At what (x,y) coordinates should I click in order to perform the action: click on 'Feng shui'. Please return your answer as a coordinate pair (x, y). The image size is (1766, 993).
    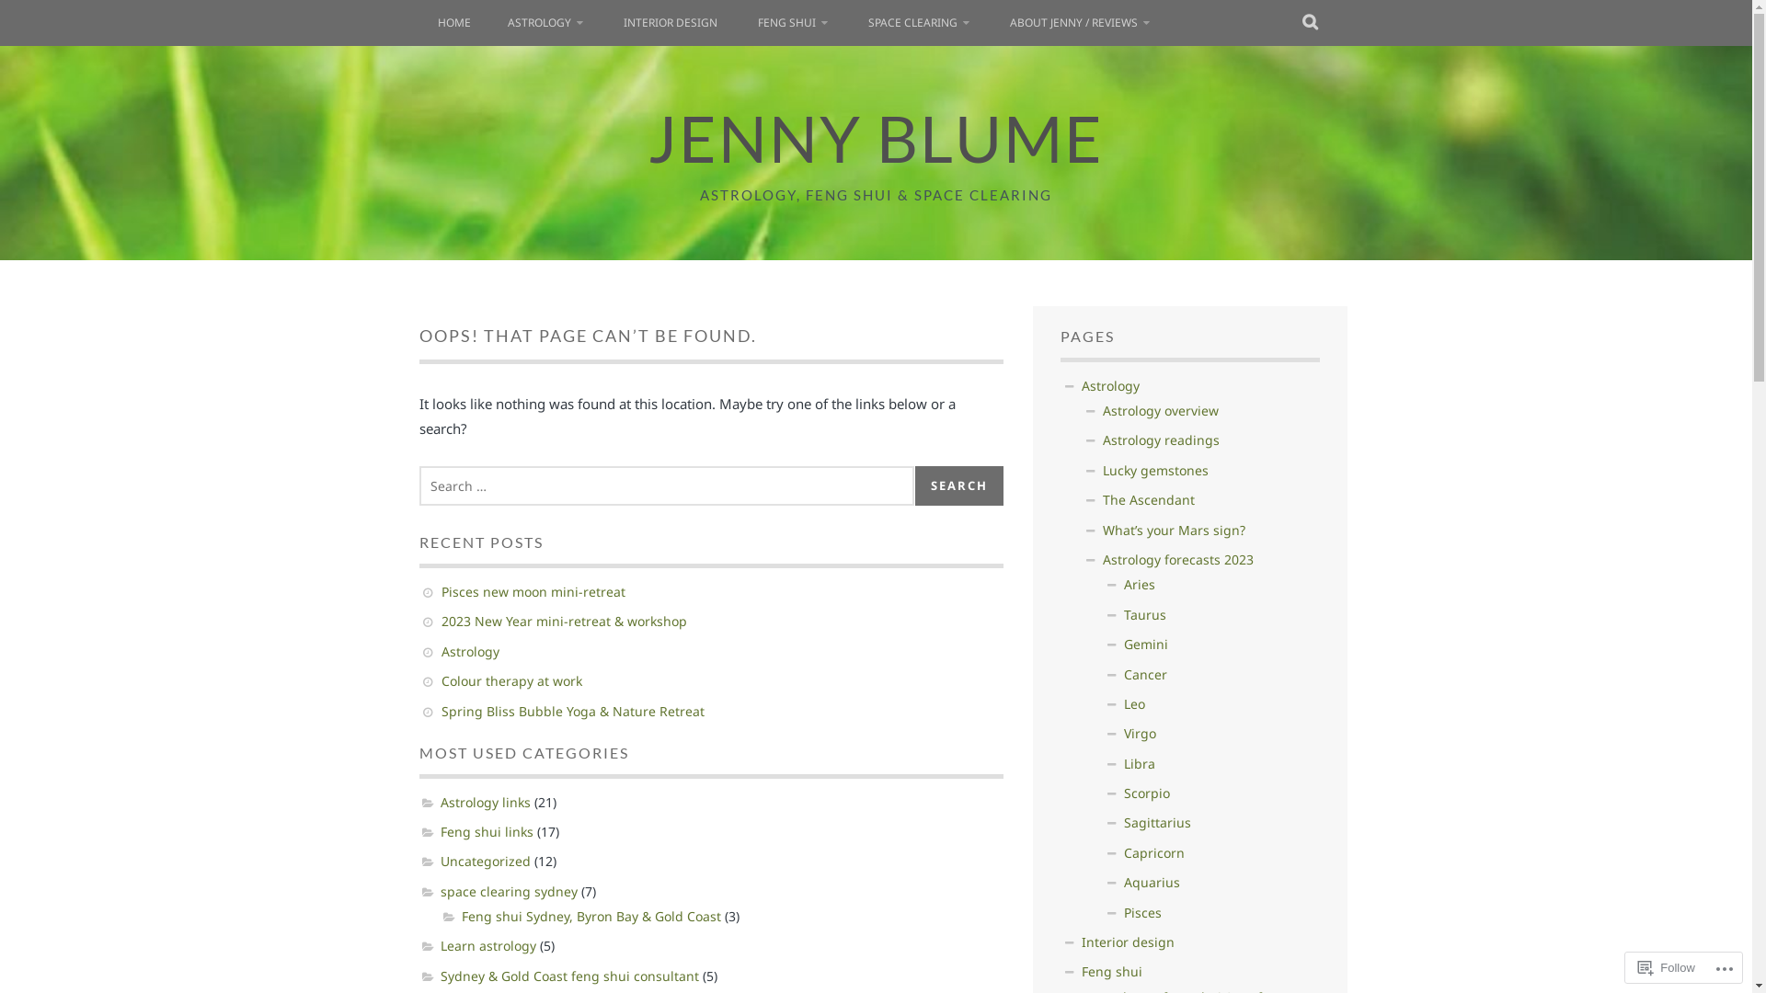
    Looking at the image, I should click on (1082, 970).